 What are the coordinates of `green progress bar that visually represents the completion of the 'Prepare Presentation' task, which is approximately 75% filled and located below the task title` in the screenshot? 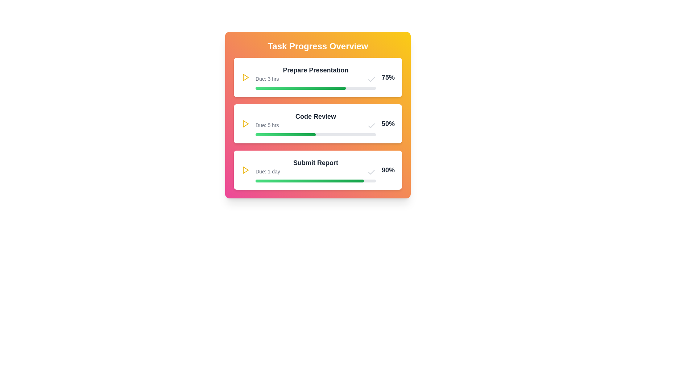 It's located at (301, 88).